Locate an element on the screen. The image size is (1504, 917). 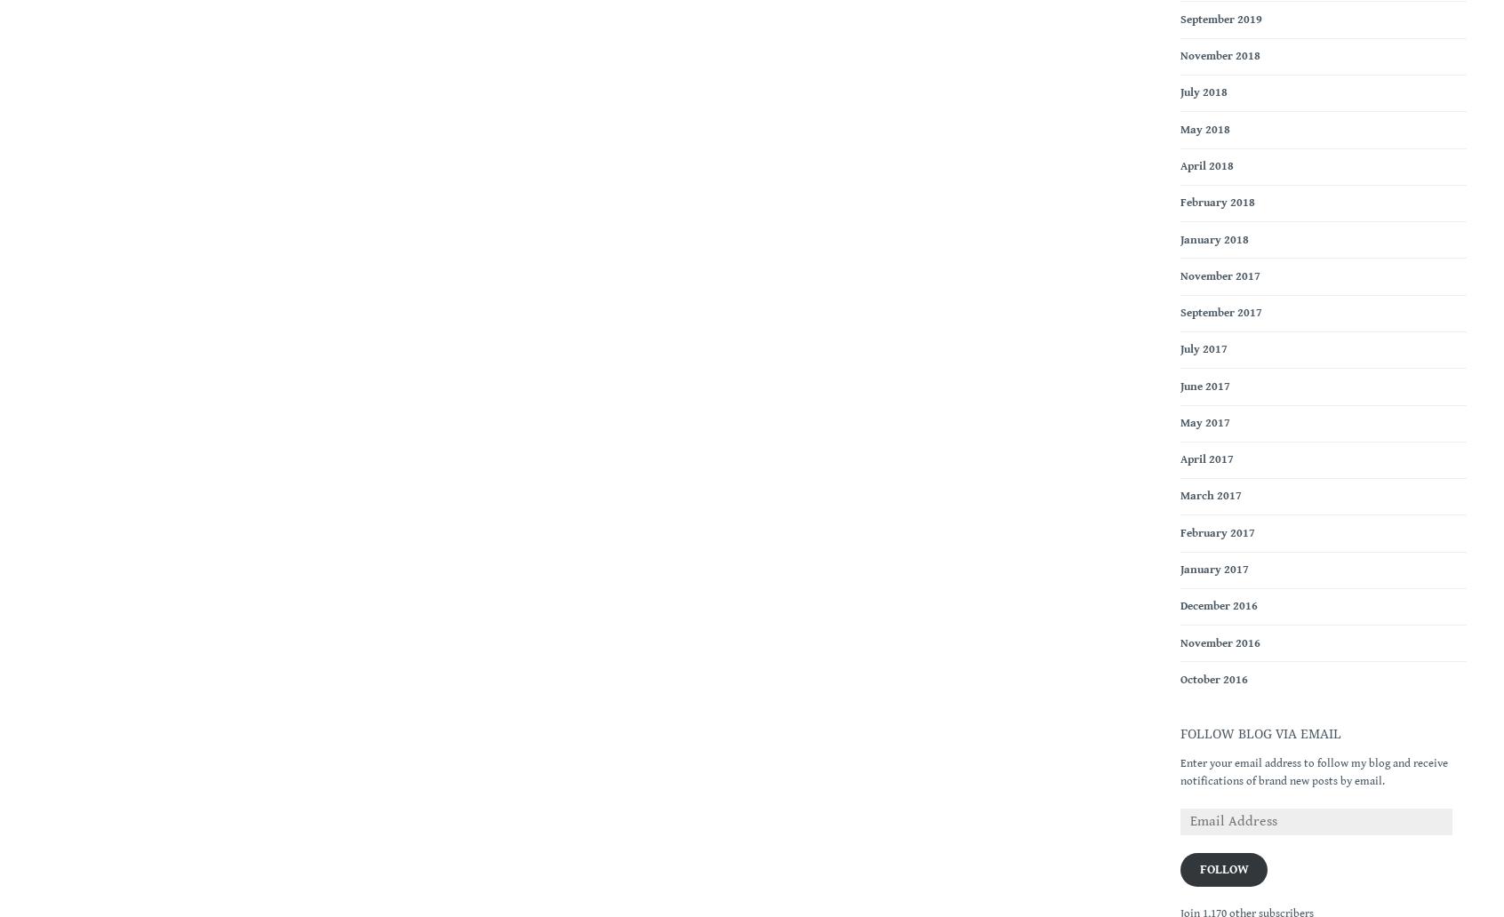
'November 2018' is located at coordinates (1220, 56).